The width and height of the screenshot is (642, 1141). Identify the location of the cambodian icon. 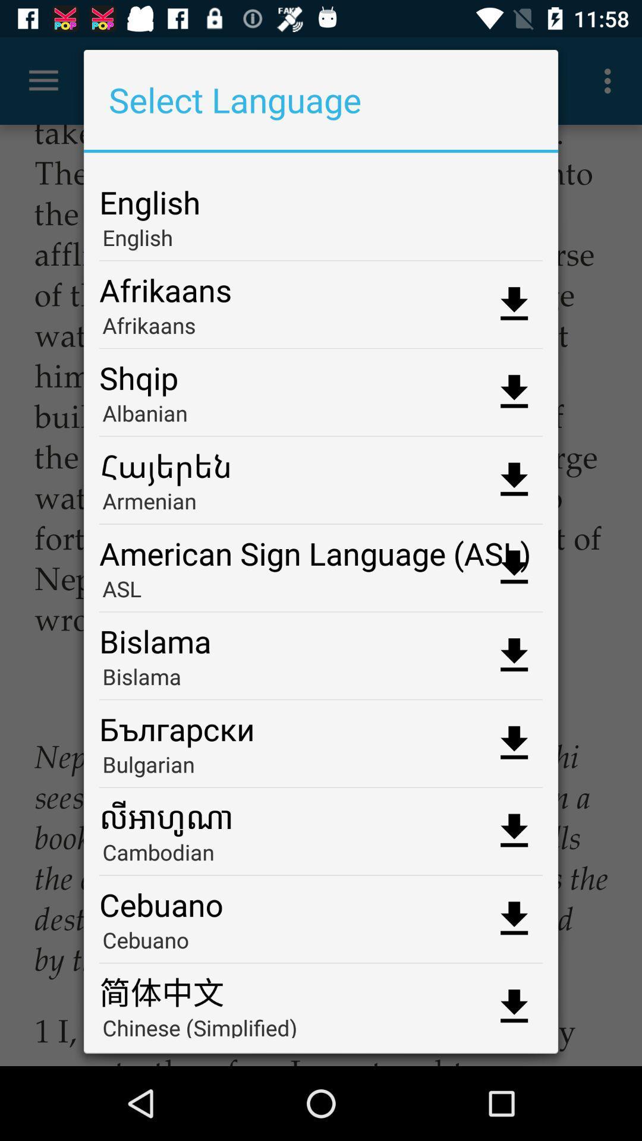
(321, 856).